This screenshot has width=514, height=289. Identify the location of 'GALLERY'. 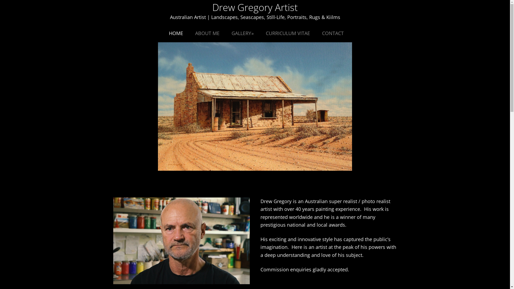
(242, 33).